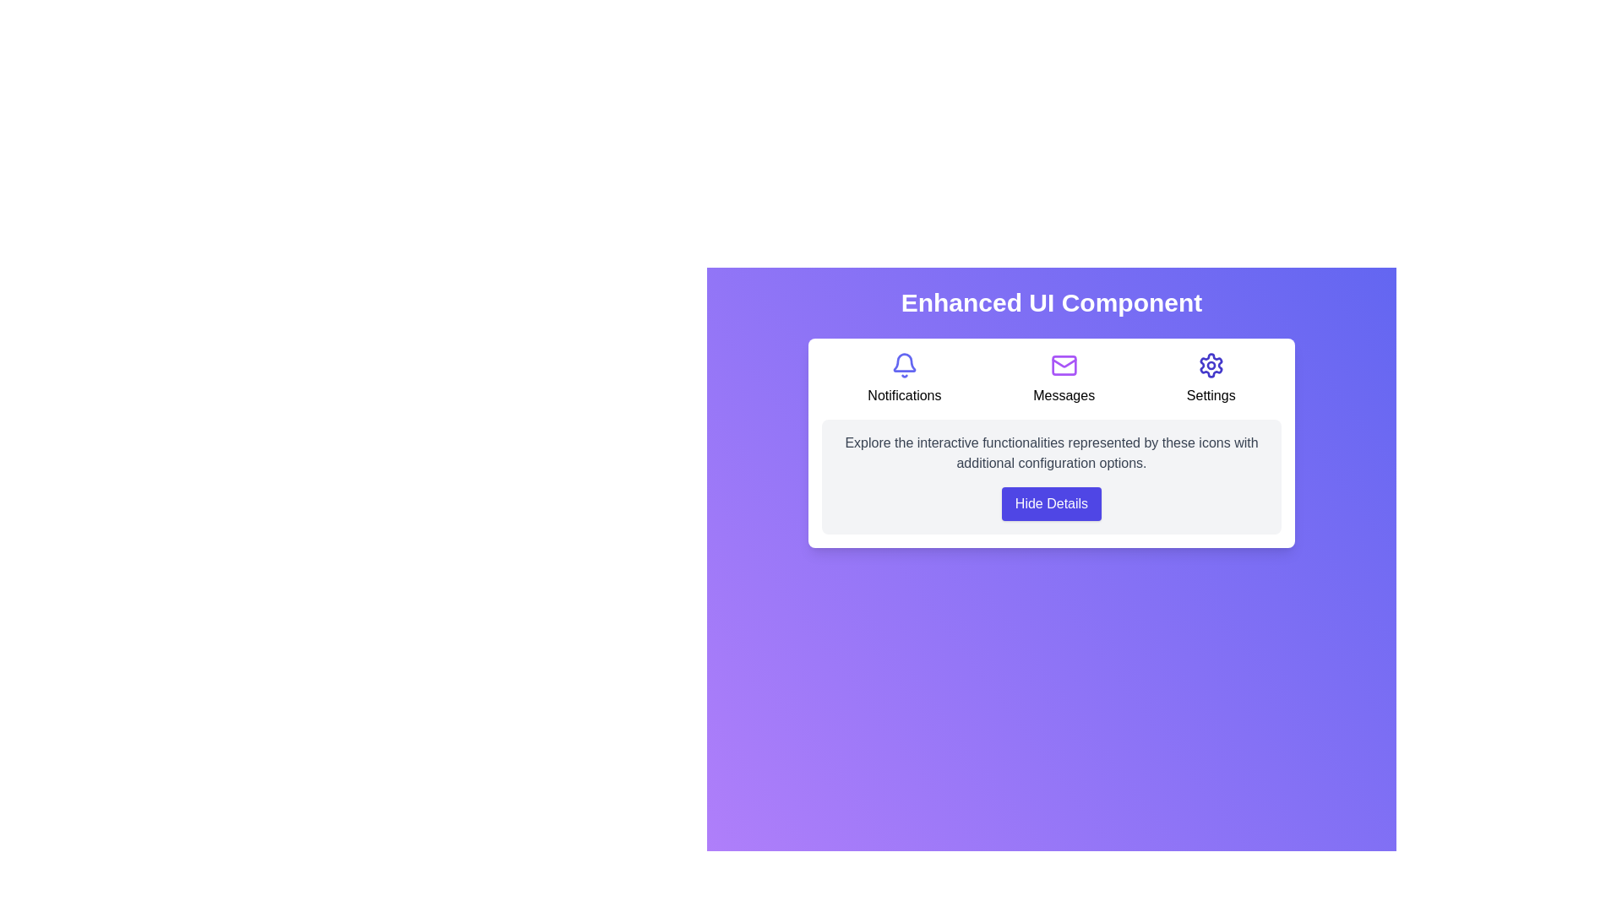 This screenshot has width=1622, height=912. What do you see at coordinates (903, 364) in the screenshot?
I see `the notifications icon located in the top-left corner of the group of icons, which includes 'Messages' and 'Settings', directly above the text 'Notifications'` at bounding box center [903, 364].